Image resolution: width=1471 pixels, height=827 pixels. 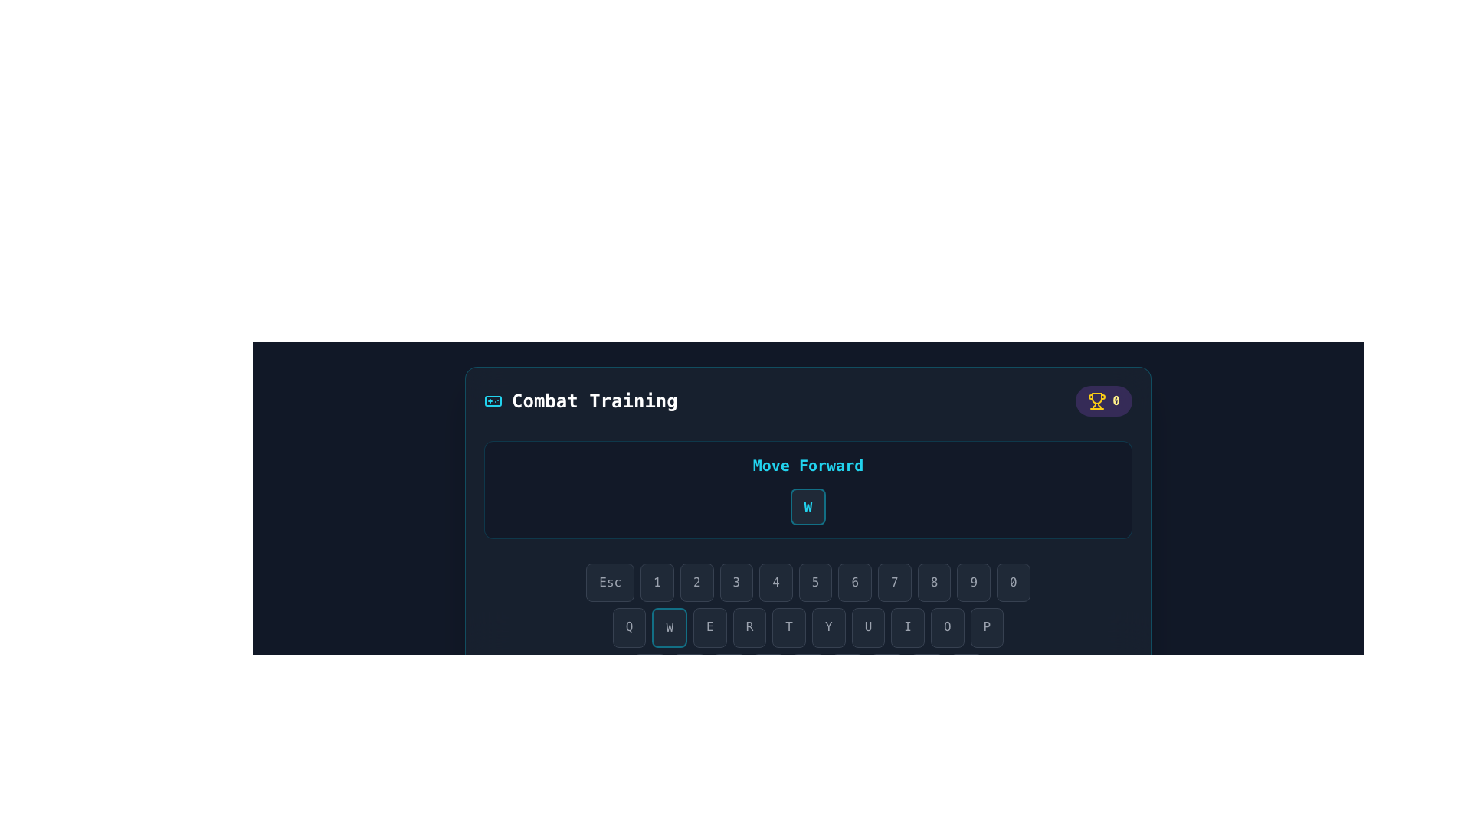 What do you see at coordinates (808, 582) in the screenshot?
I see `the button labeled '5' which has a dark gray background and is part of a horizontal row of buttons on a keyboard-like interface` at bounding box center [808, 582].